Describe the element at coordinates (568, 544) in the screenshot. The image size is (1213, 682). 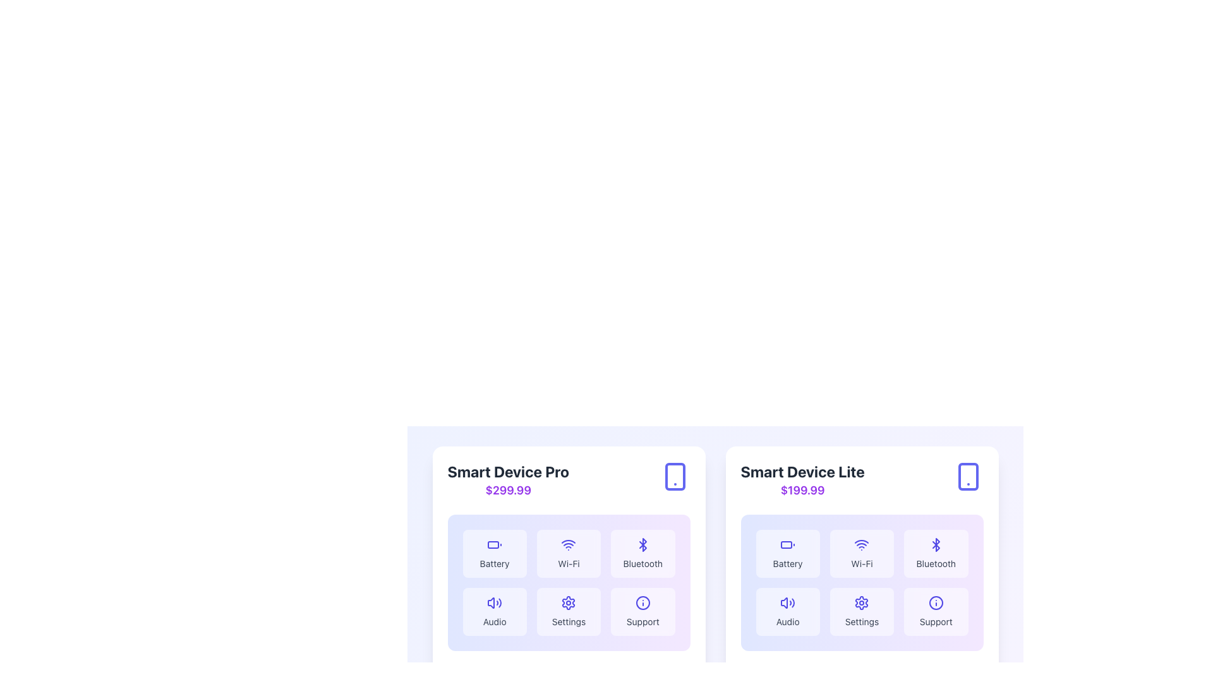
I see `the non-interactive Wi-Fi icon located in the 'Smart Device Pro' card, specifically in the second slot of the second row, above the label 'Wi-Fi'` at that location.